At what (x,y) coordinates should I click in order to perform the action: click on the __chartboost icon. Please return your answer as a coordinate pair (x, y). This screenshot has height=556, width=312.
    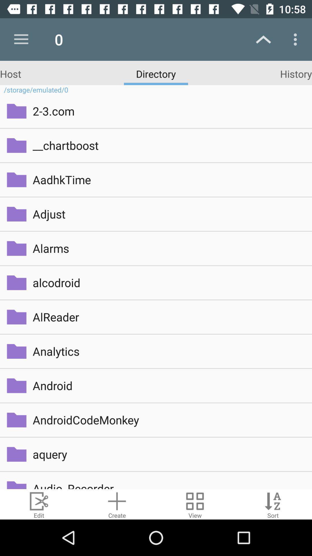
    Looking at the image, I should click on (168, 145).